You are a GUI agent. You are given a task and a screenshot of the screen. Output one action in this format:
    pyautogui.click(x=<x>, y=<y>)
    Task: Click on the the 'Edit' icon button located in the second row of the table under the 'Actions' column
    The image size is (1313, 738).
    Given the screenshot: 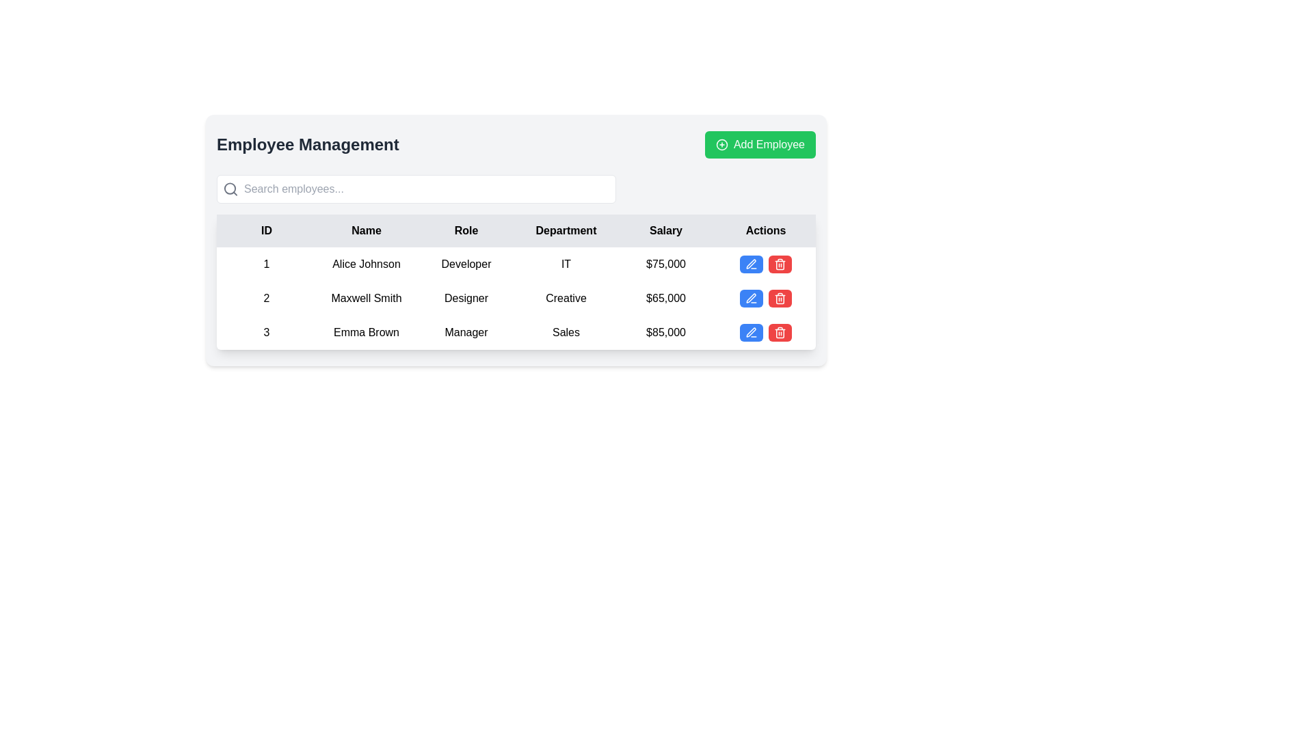 What is the action you would take?
    pyautogui.click(x=750, y=297)
    